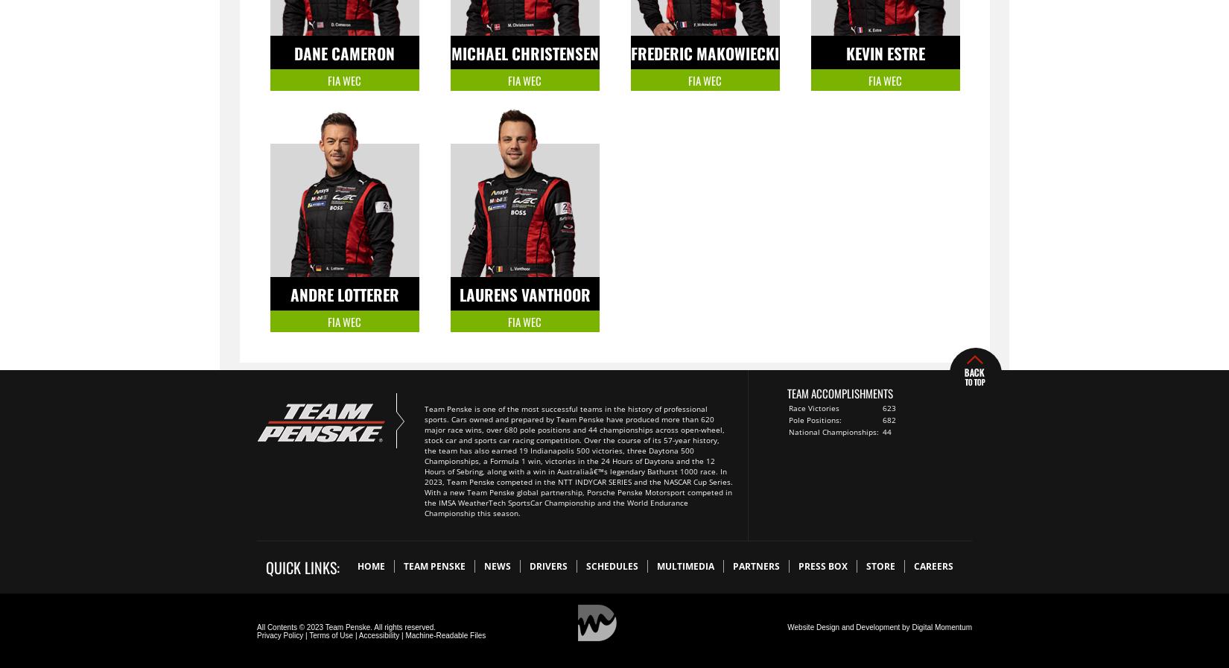  I want to click on 'Digital Momentum', so click(911, 627).